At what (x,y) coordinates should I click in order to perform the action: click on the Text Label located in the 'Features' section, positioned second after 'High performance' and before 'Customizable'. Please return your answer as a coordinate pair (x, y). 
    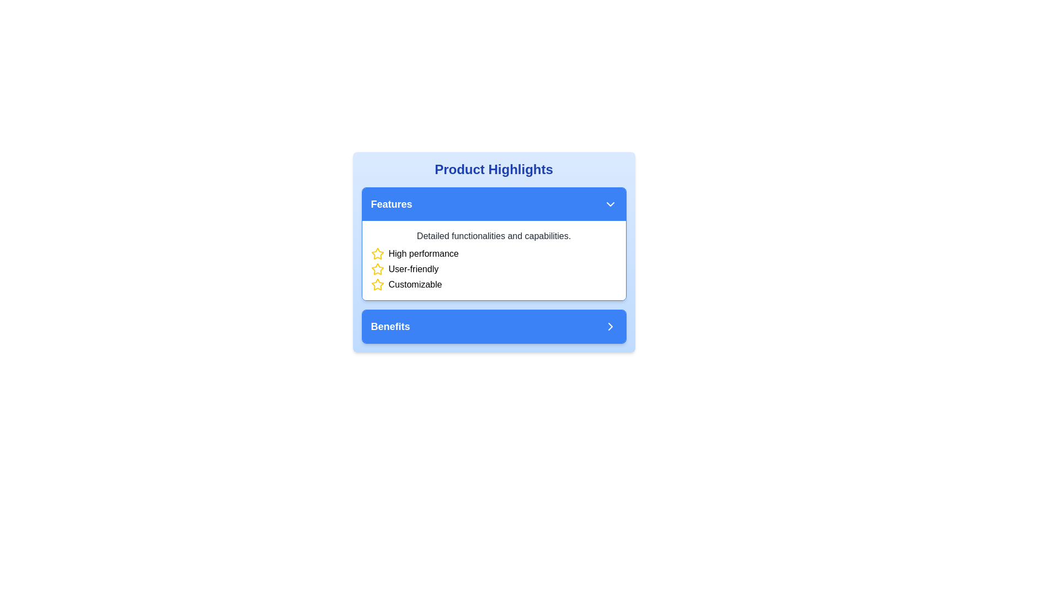
    Looking at the image, I should click on (413, 269).